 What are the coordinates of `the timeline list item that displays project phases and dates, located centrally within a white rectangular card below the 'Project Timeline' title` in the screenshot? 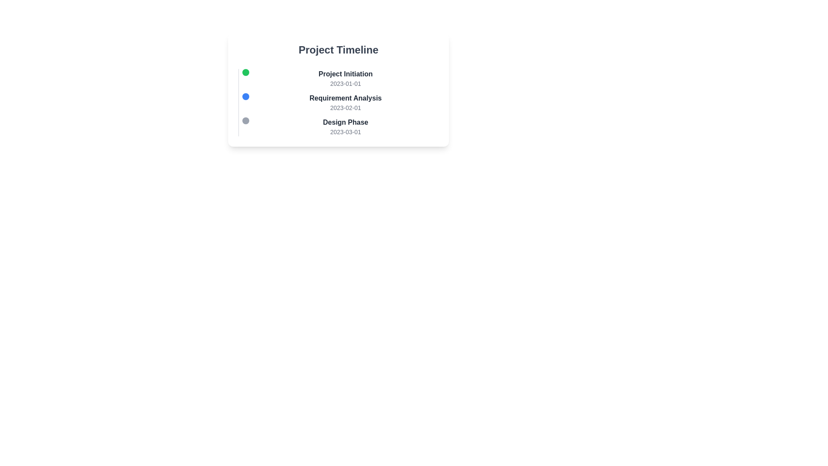 It's located at (338, 102).